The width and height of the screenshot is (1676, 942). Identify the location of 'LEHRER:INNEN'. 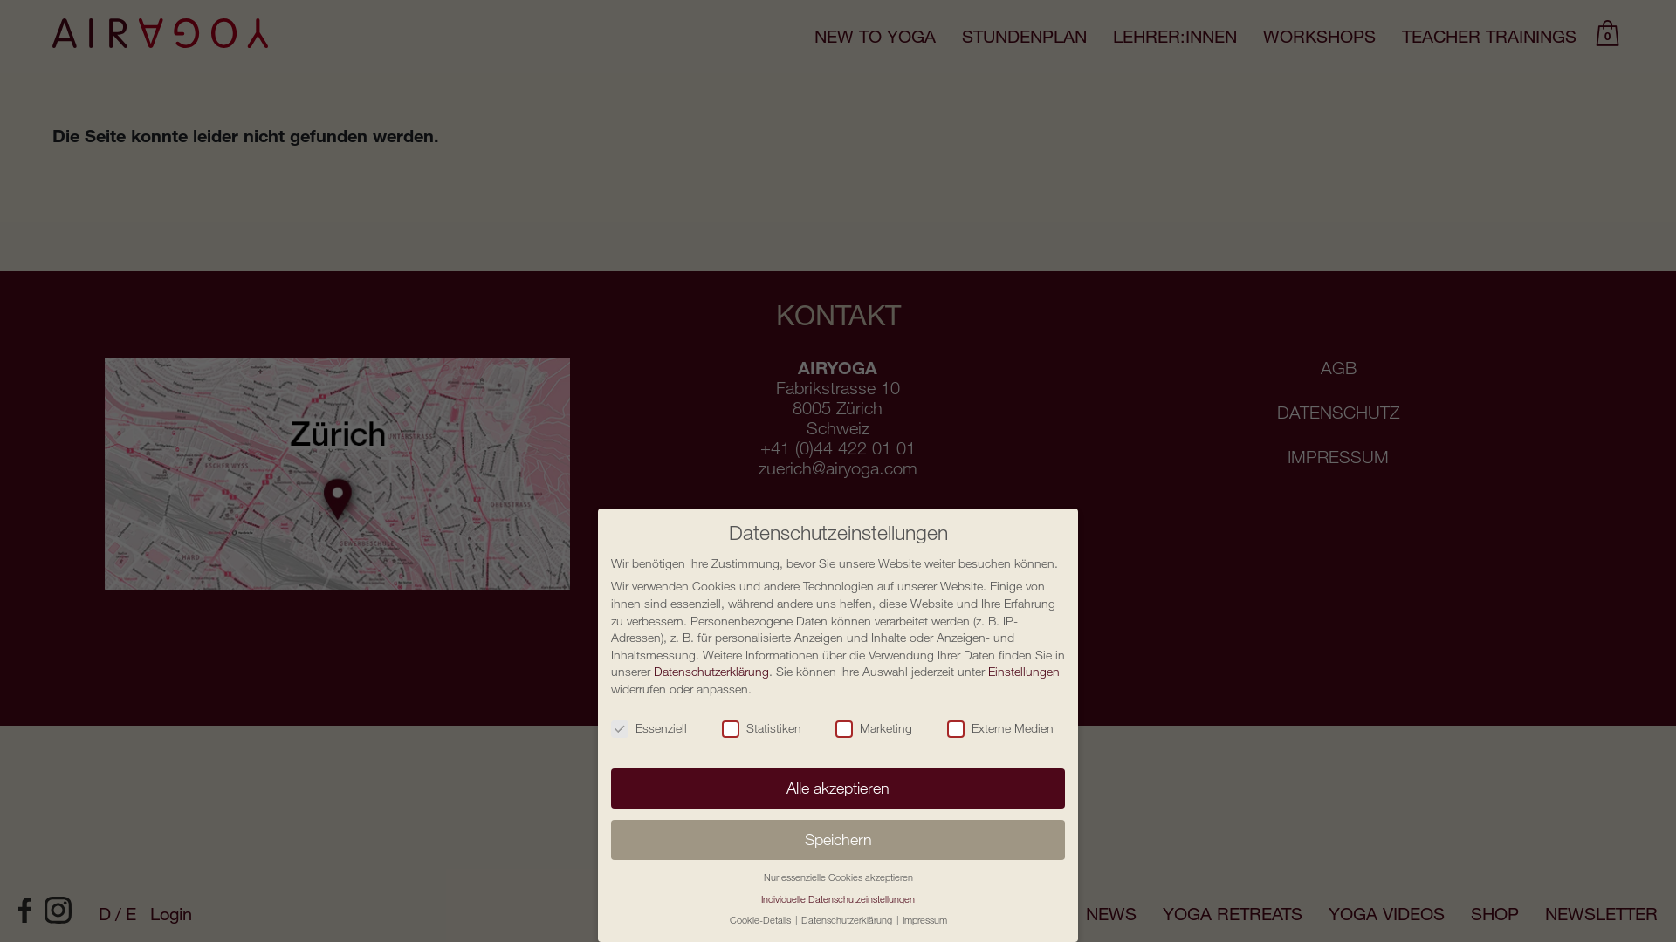
(1174, 36).